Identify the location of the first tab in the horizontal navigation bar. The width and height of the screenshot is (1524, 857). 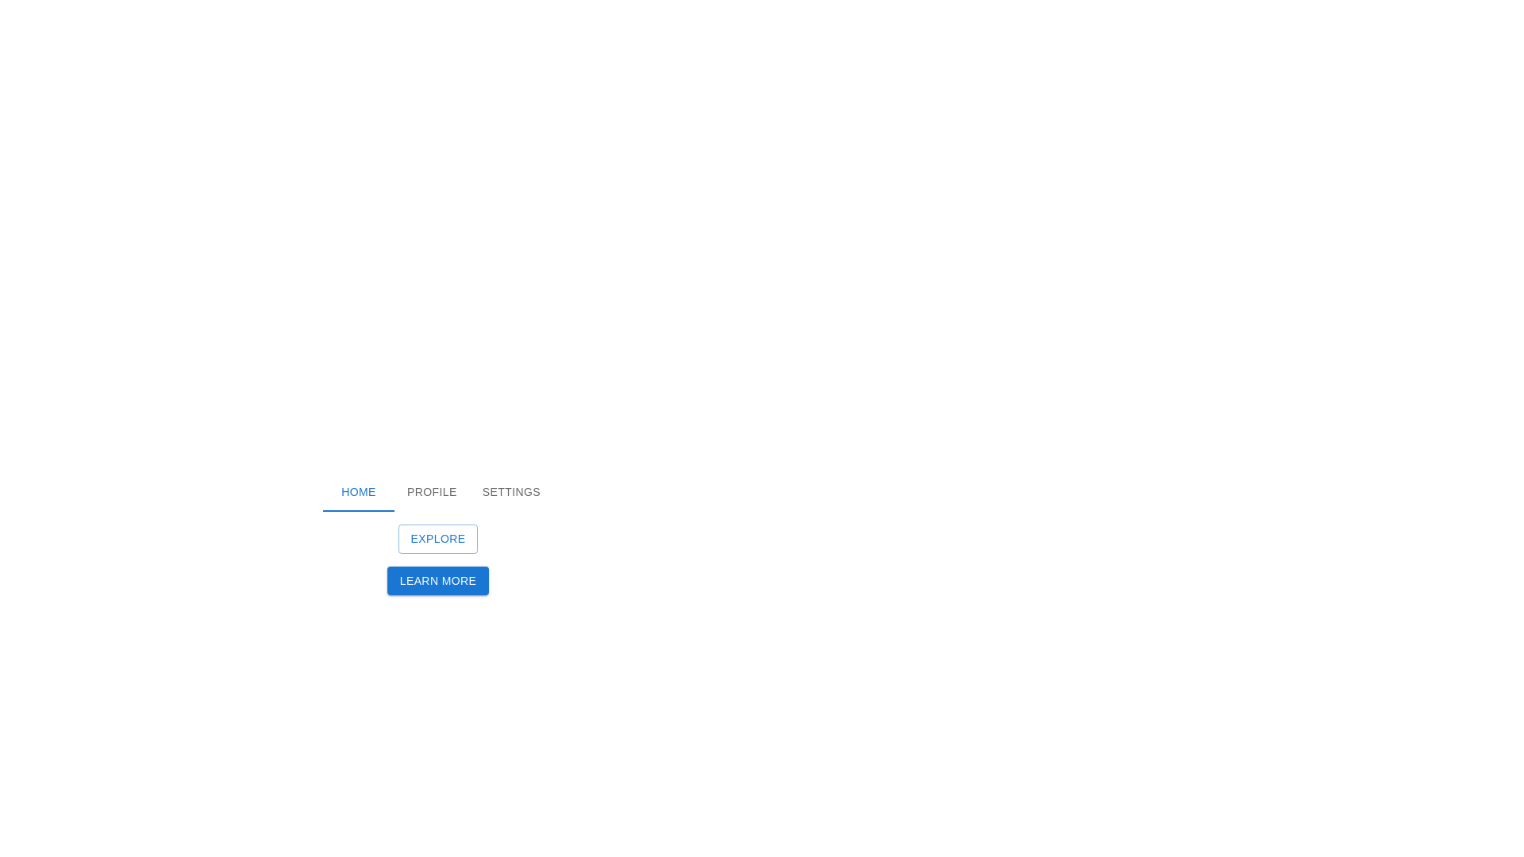
(357, 492).